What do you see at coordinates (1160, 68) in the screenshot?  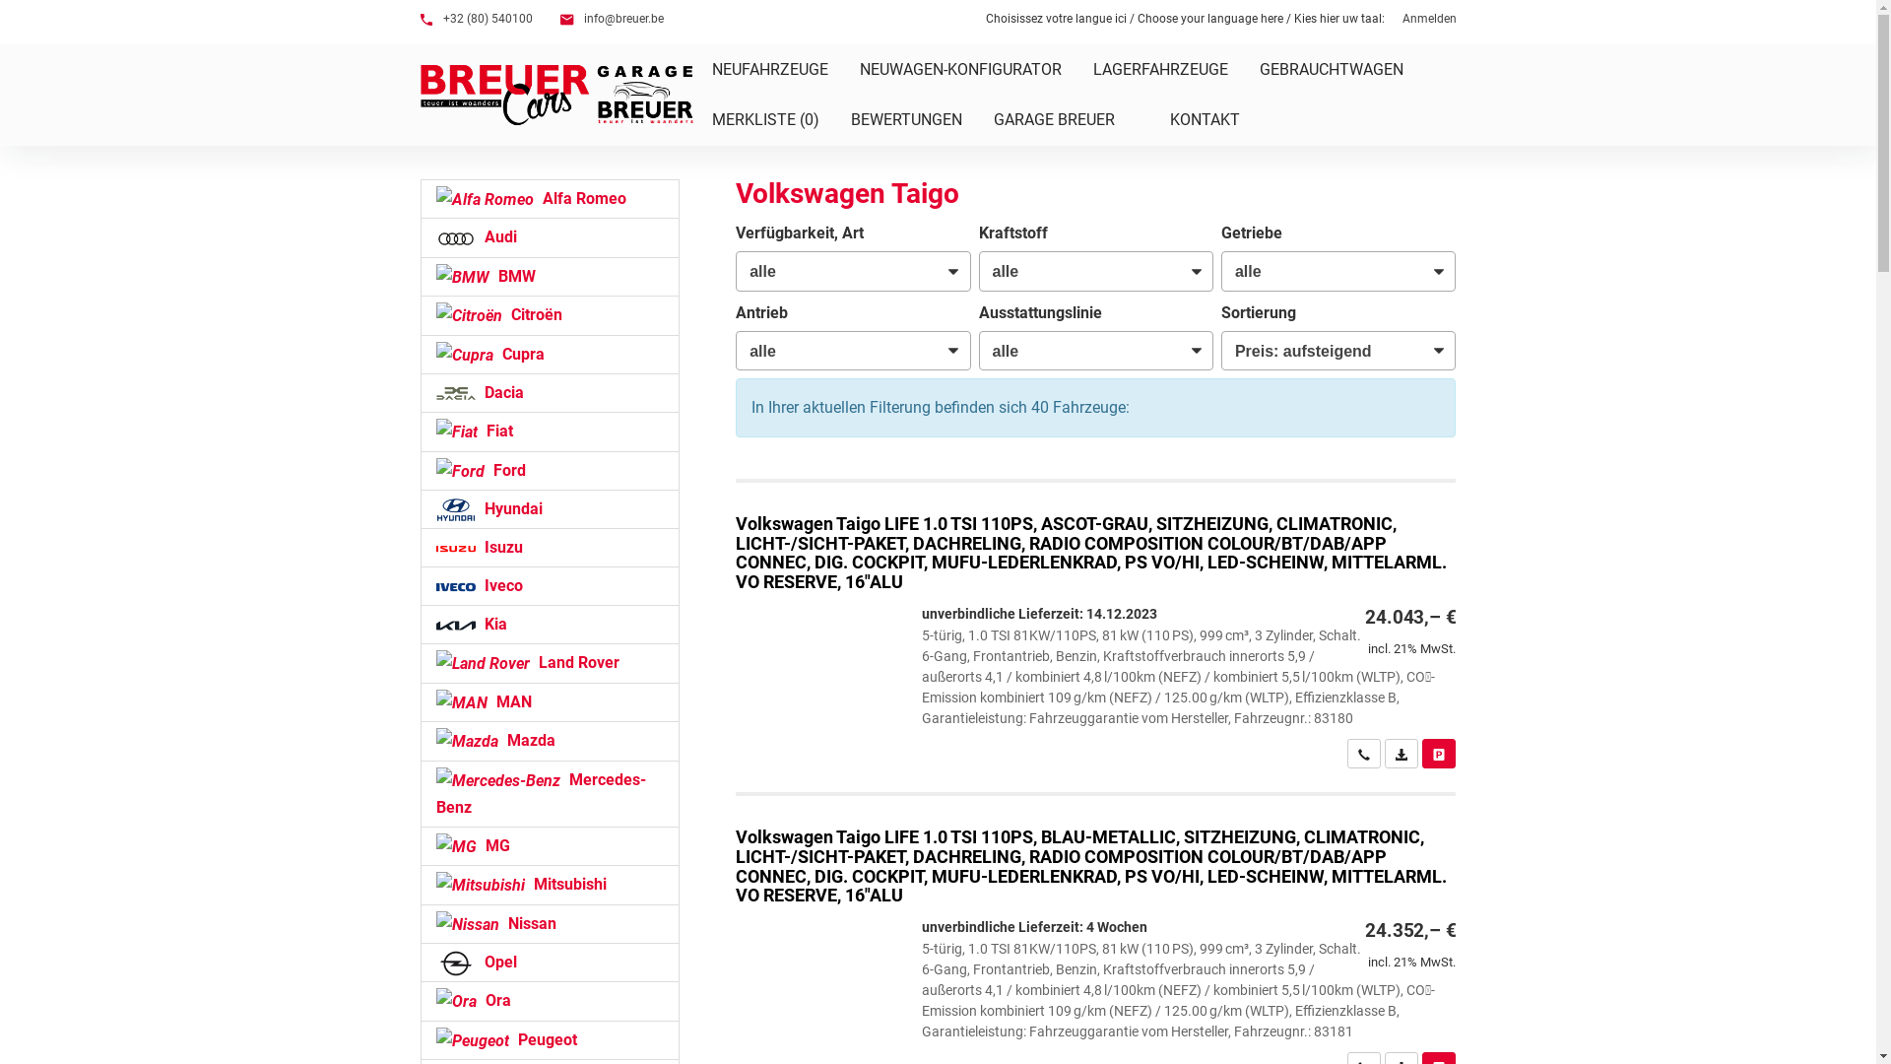 I see `'LAGERFAHRZEUGE'` at bounding box center [1160, 68].